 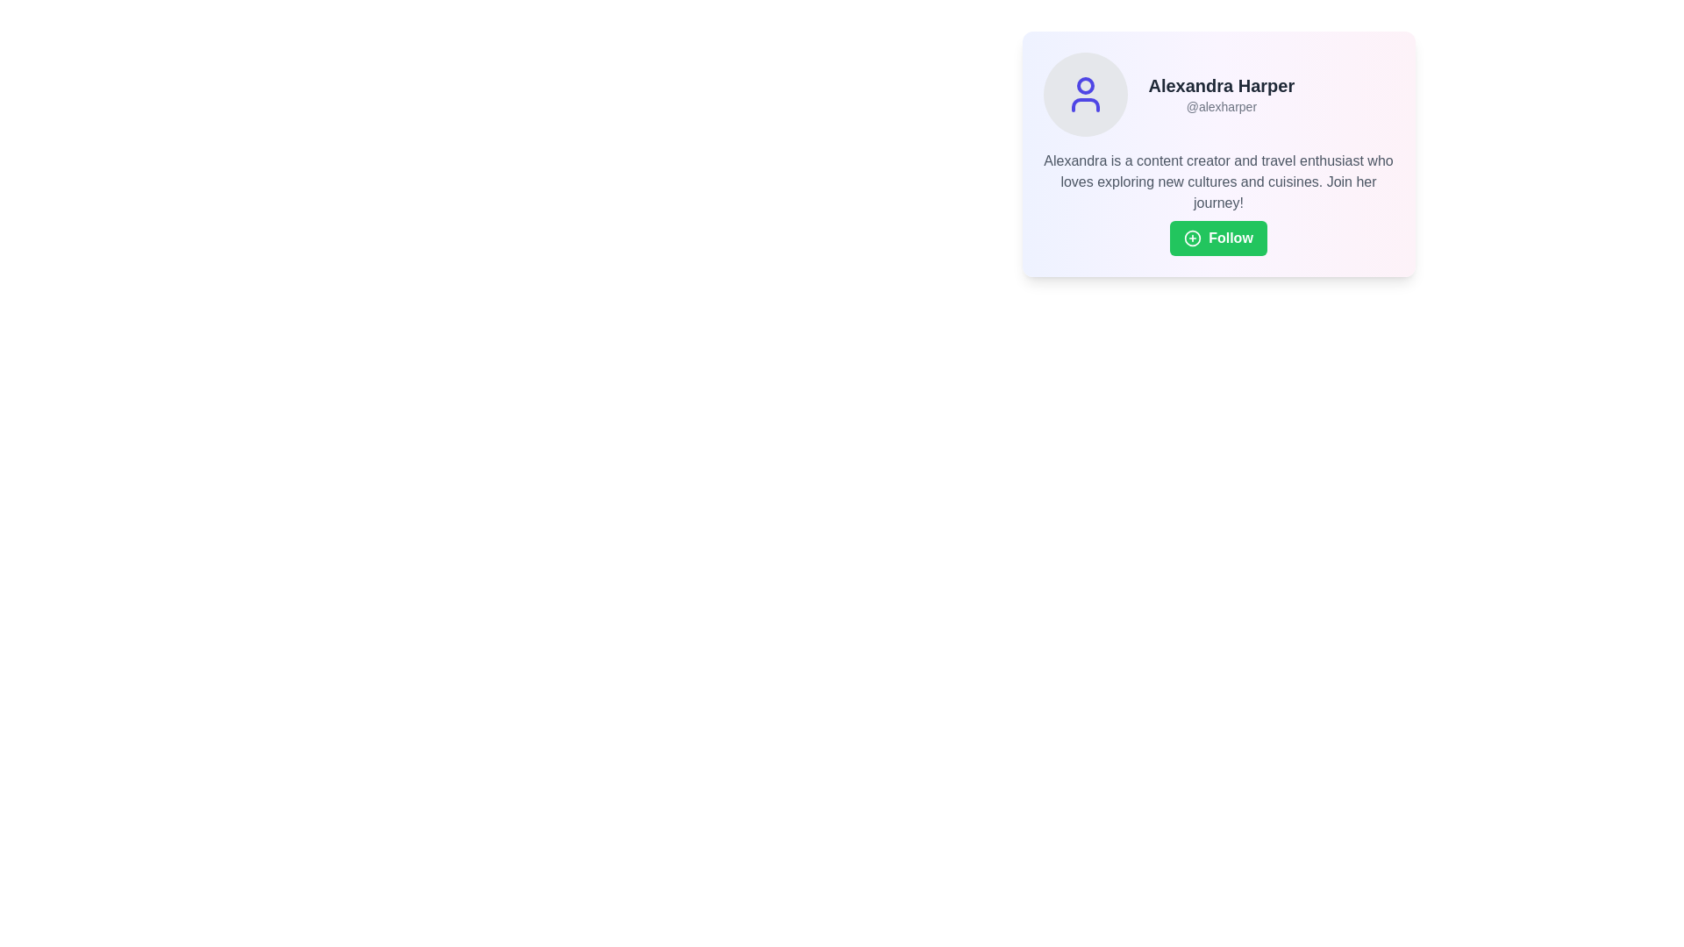 I want to click on the green 'Follow' button with white text and a circular plus icon to trigger the hover effect, so click(x=1217, y=239).